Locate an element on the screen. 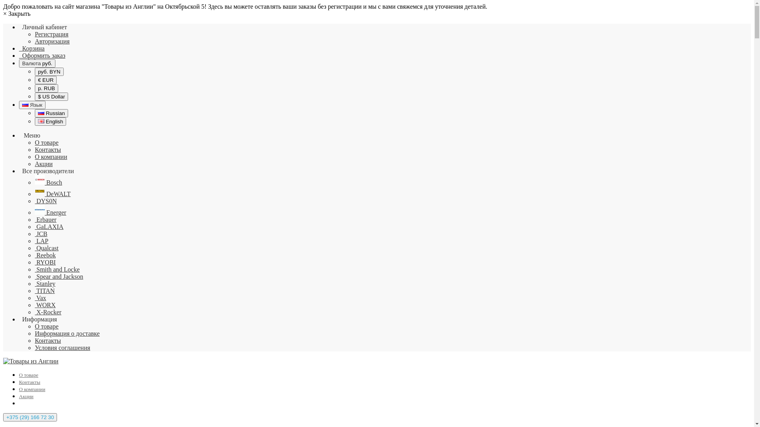 This screenshot has height=427, width=760. 'Russian' is located at coordinates (41, 113).